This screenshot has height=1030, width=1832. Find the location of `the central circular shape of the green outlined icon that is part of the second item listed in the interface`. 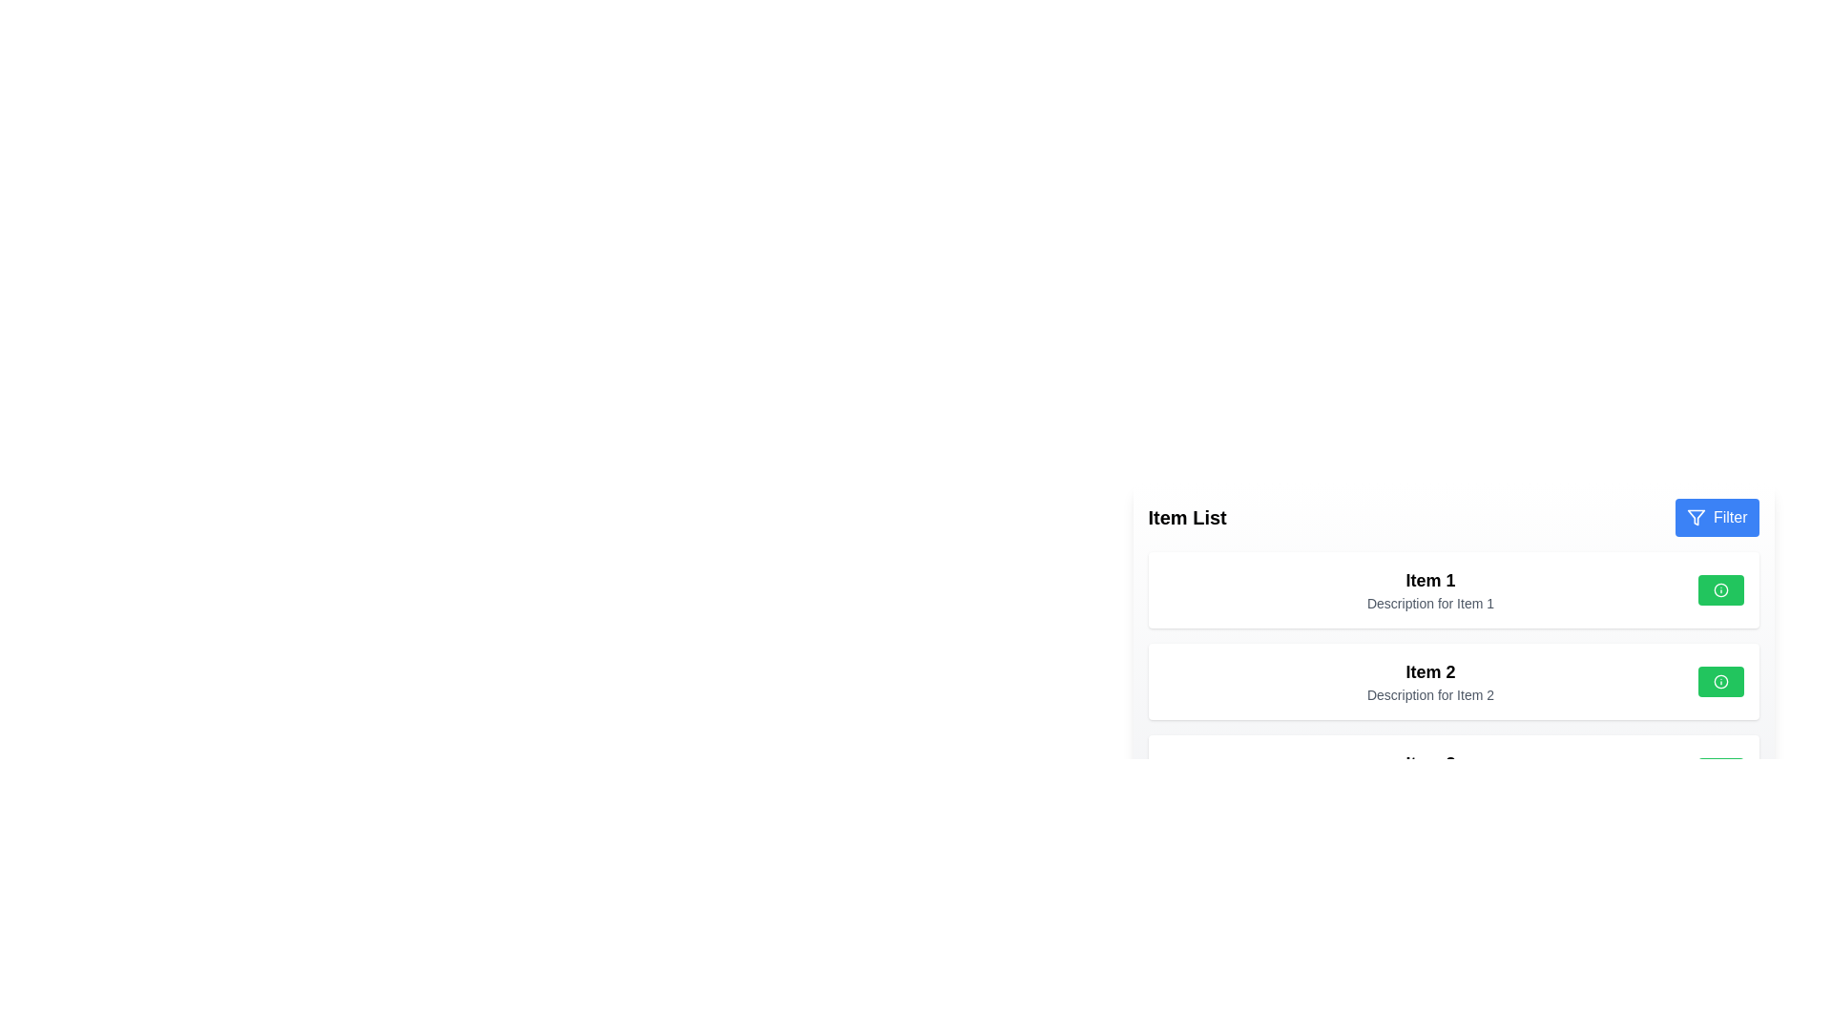

the central circular shape of the green outlined icon that is part of the second item listed in the interface is located at coordinates (1720, 680).